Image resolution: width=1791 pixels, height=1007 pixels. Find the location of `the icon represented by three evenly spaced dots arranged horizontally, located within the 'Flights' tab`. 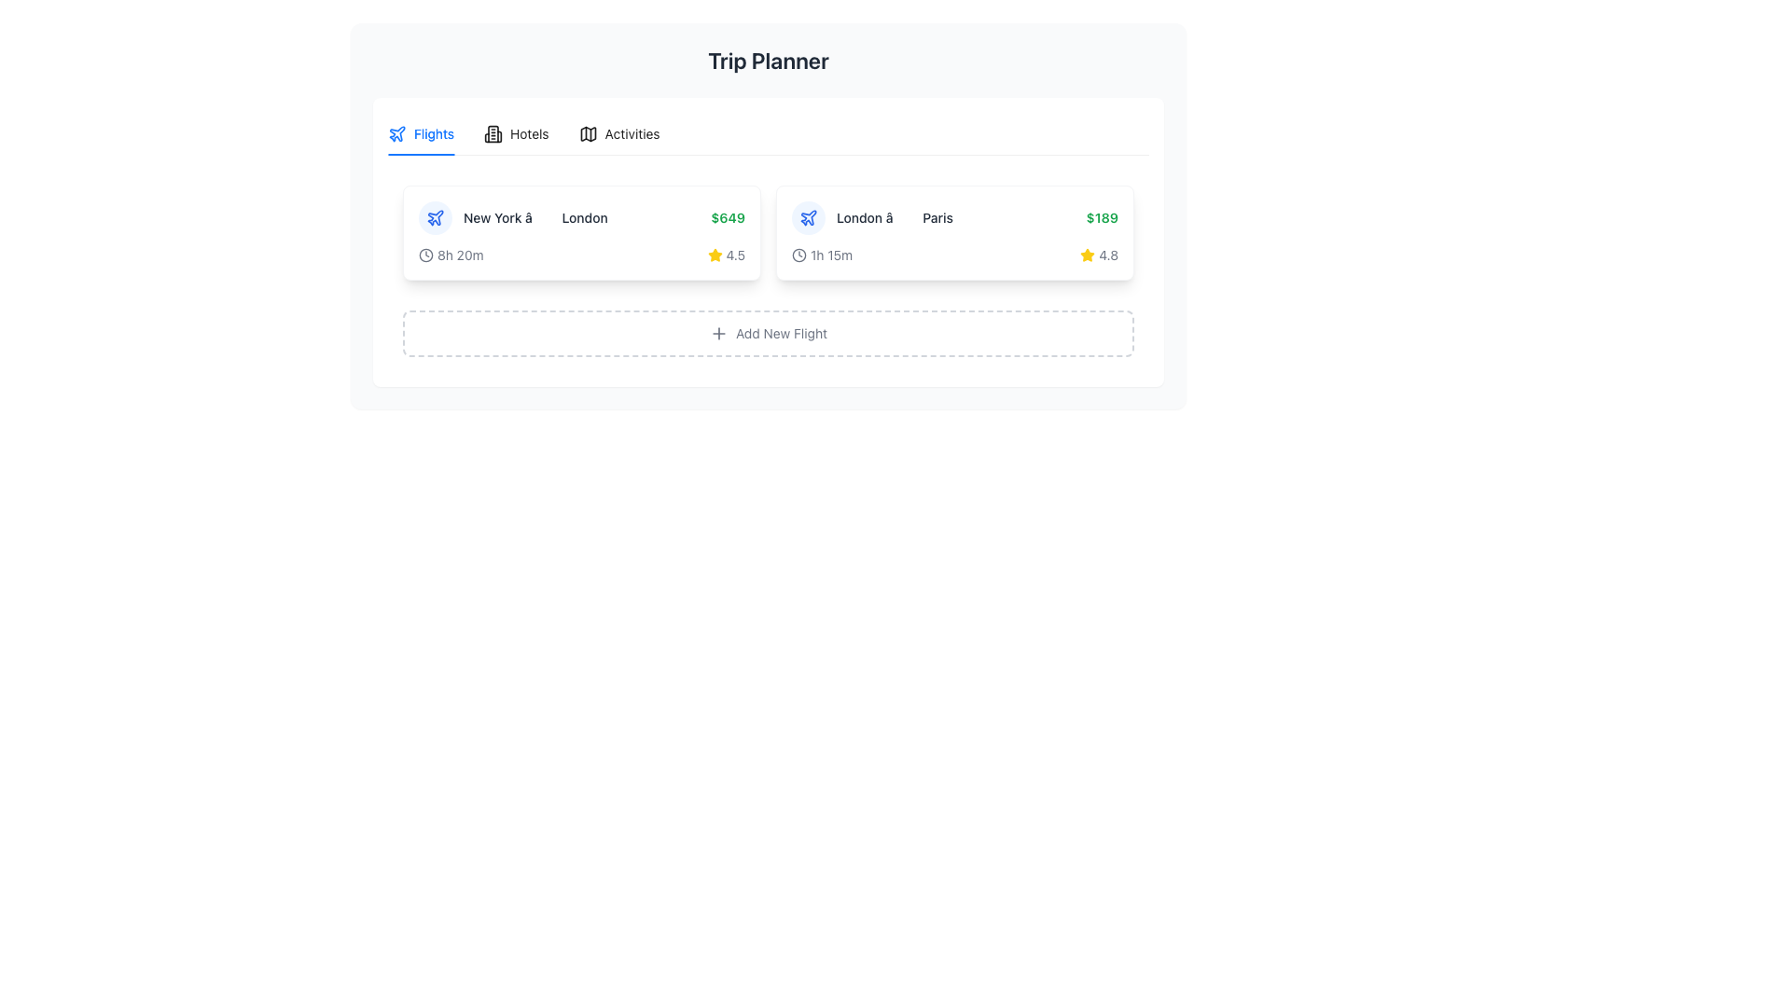

the icon represented by three evenly spaced dots arranged horizontally, located within the 'Flights' tab is located at coordinates (408, 128).